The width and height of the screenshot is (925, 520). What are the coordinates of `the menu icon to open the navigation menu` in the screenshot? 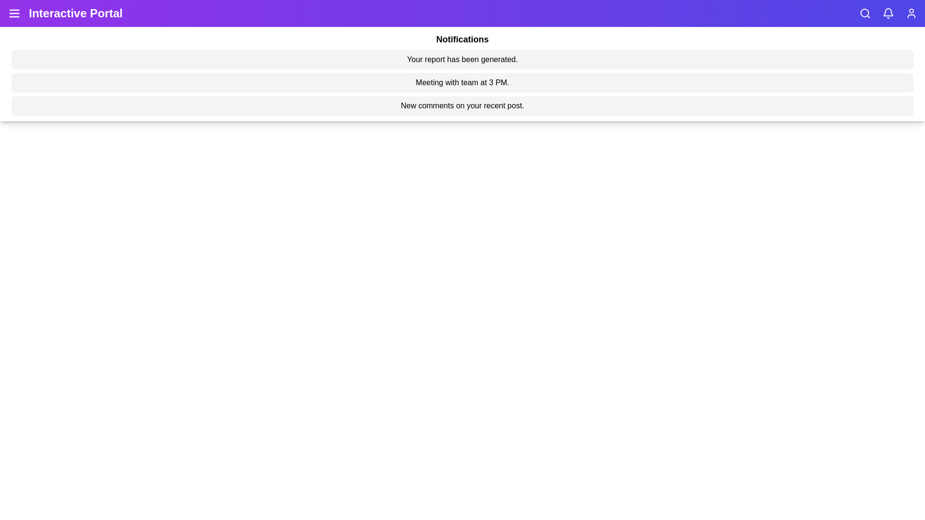 It's located at (14, 13).